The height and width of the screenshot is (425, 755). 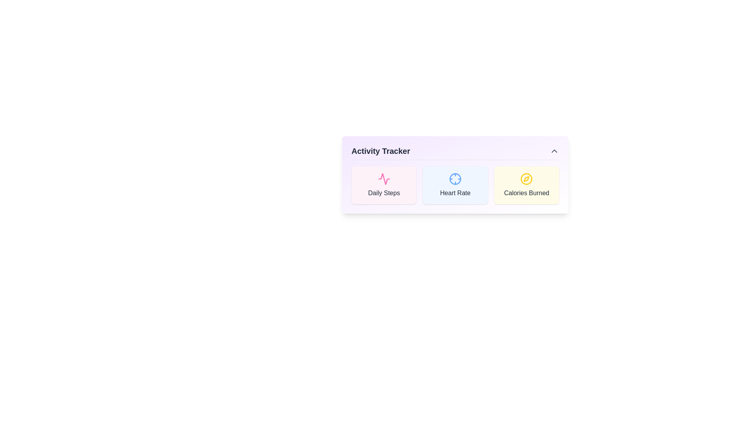 I want to click on centered-aligned text label 'Calories Burned' that is styled in dark gray color, located within the third yellow-highlighted card of the 'Activity Tracker' section, below a compass icon, so click(x=527, y=193).